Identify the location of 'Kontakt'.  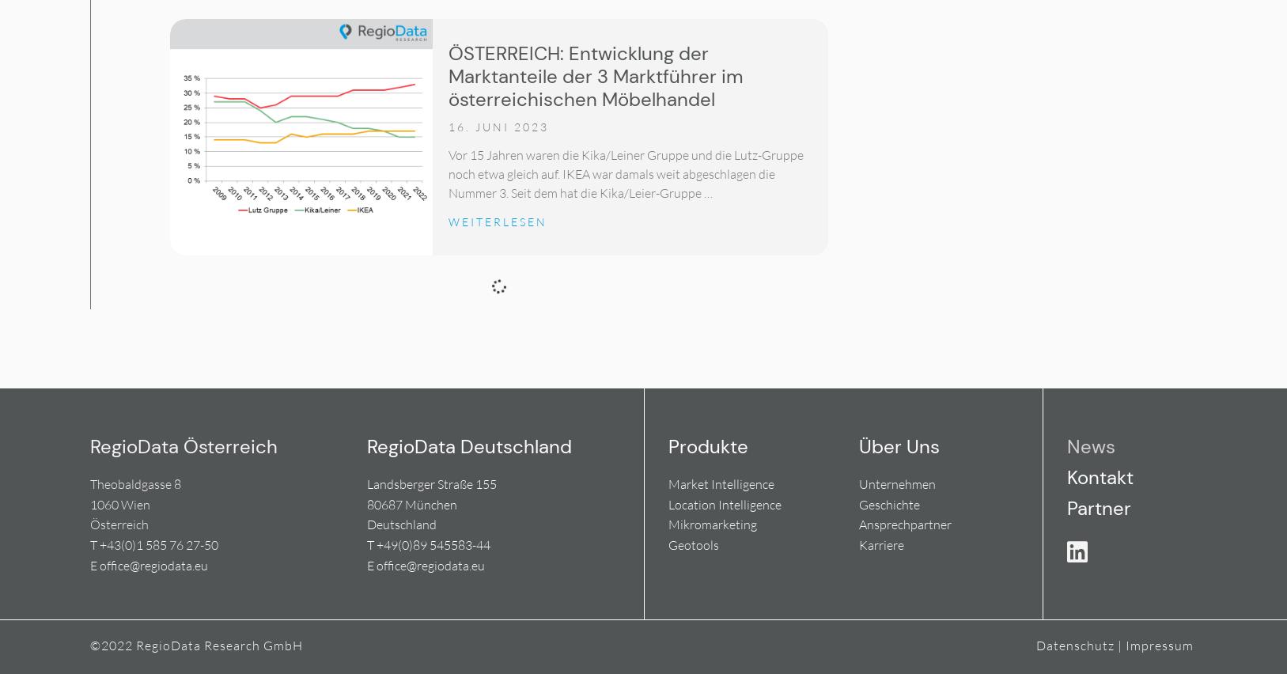
(1099, 476).